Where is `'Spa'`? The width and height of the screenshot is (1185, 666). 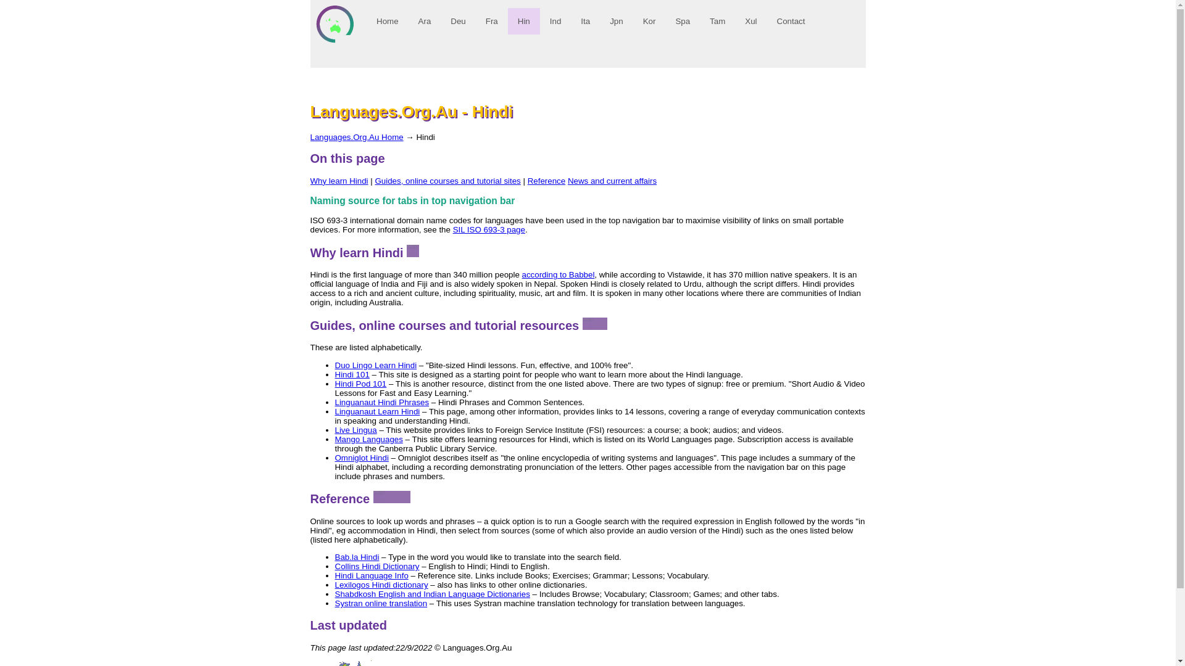 'Spa' is located at coordinates (681, 21).